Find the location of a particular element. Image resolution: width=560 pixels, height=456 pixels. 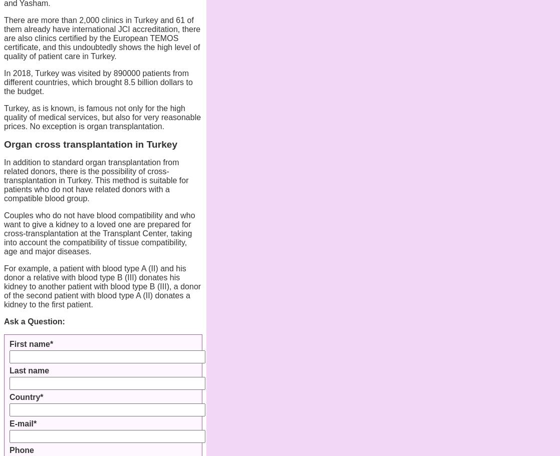

'E-mail*' is located at coordinates (23, 423).